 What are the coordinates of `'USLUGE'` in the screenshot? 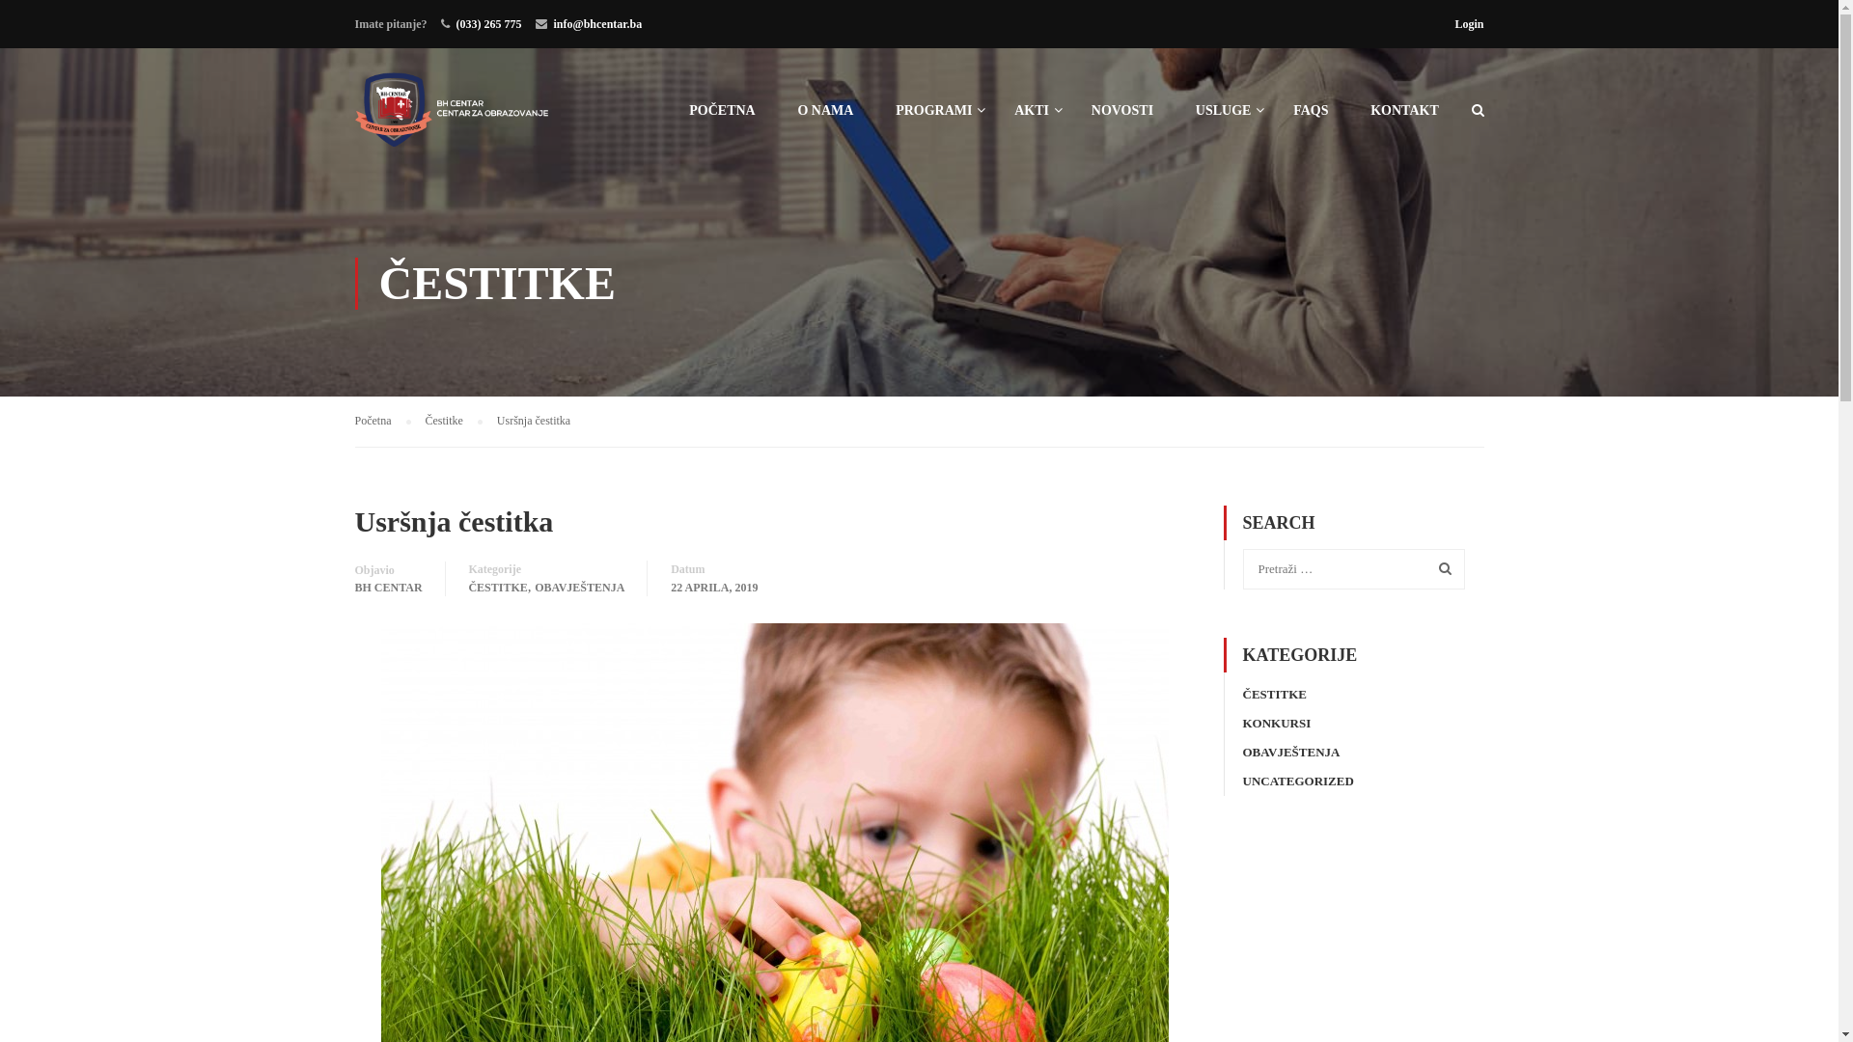 It's located at (1175, 119).